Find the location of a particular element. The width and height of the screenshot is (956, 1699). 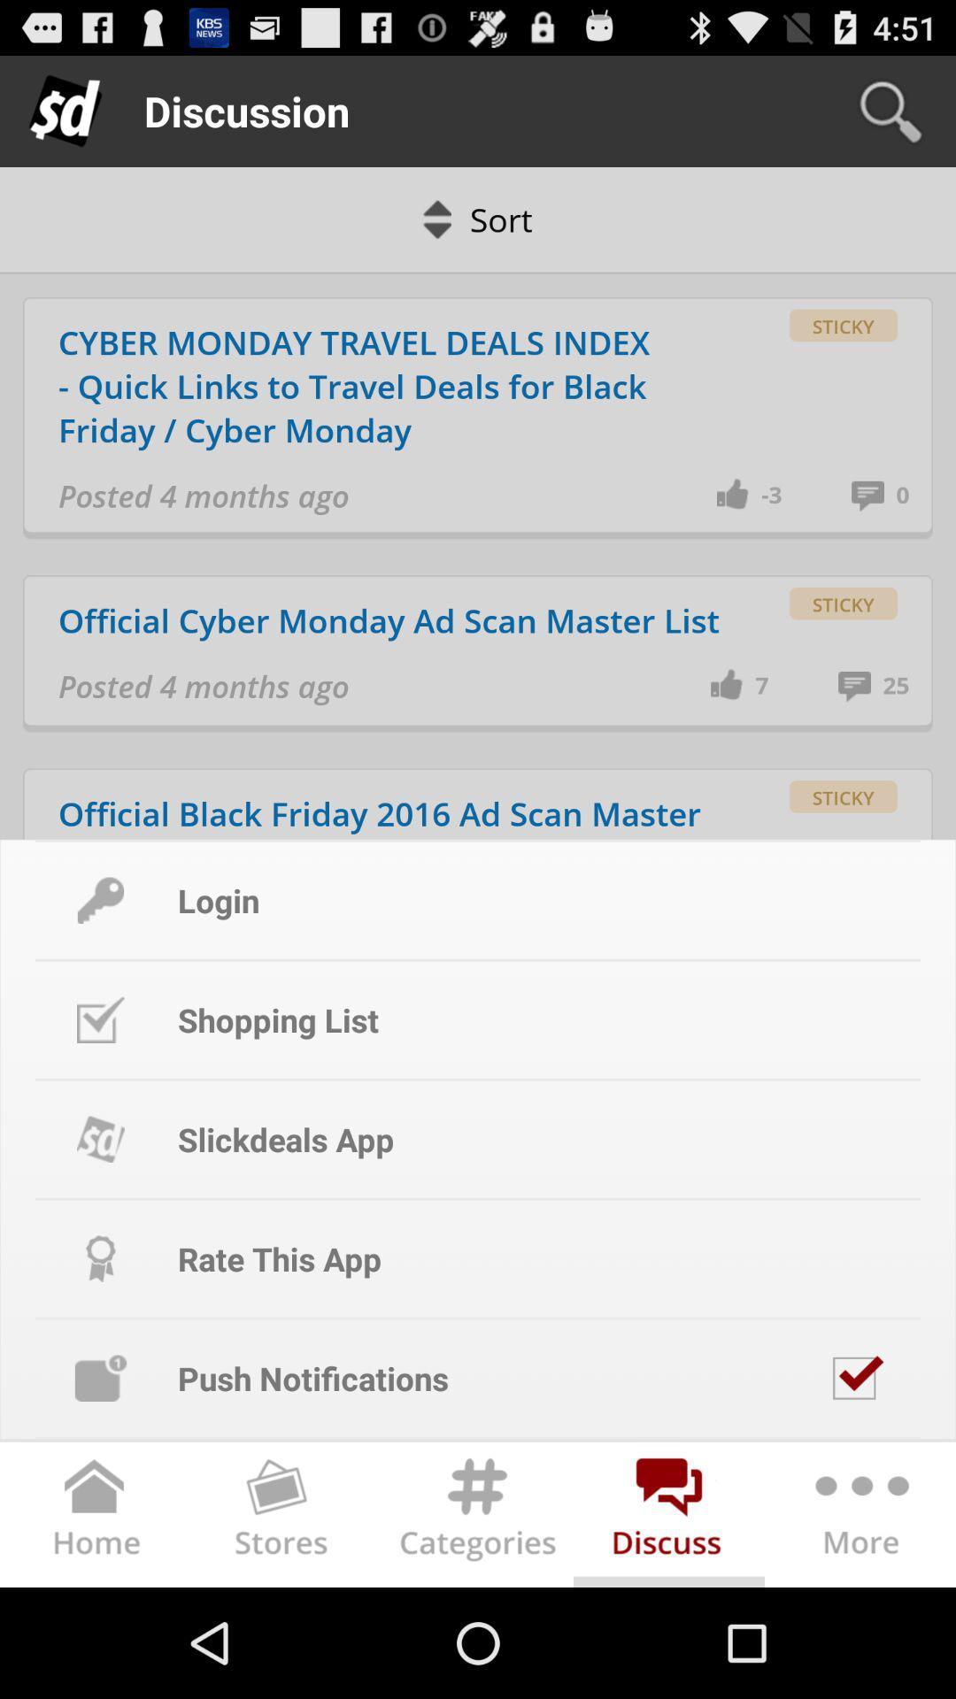

the more icon is located at coordinates (859, 1625).